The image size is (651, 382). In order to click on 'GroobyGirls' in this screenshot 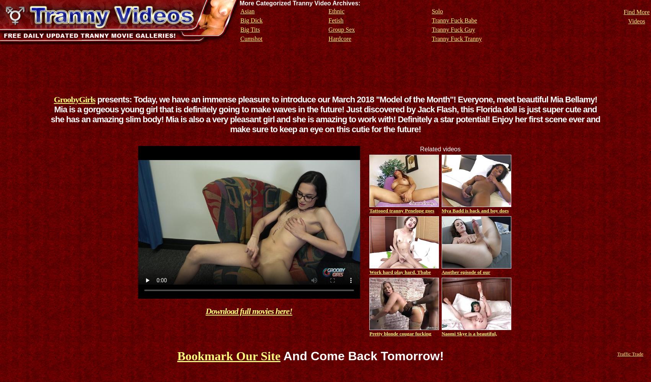, I will do `click(53, 99)`.